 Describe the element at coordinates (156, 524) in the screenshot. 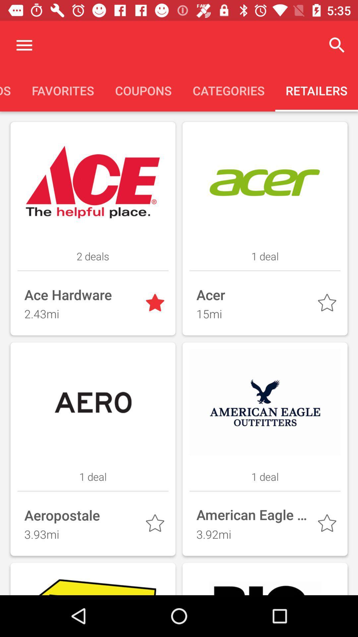

I see `button to mark retailer as favorite` at that location.